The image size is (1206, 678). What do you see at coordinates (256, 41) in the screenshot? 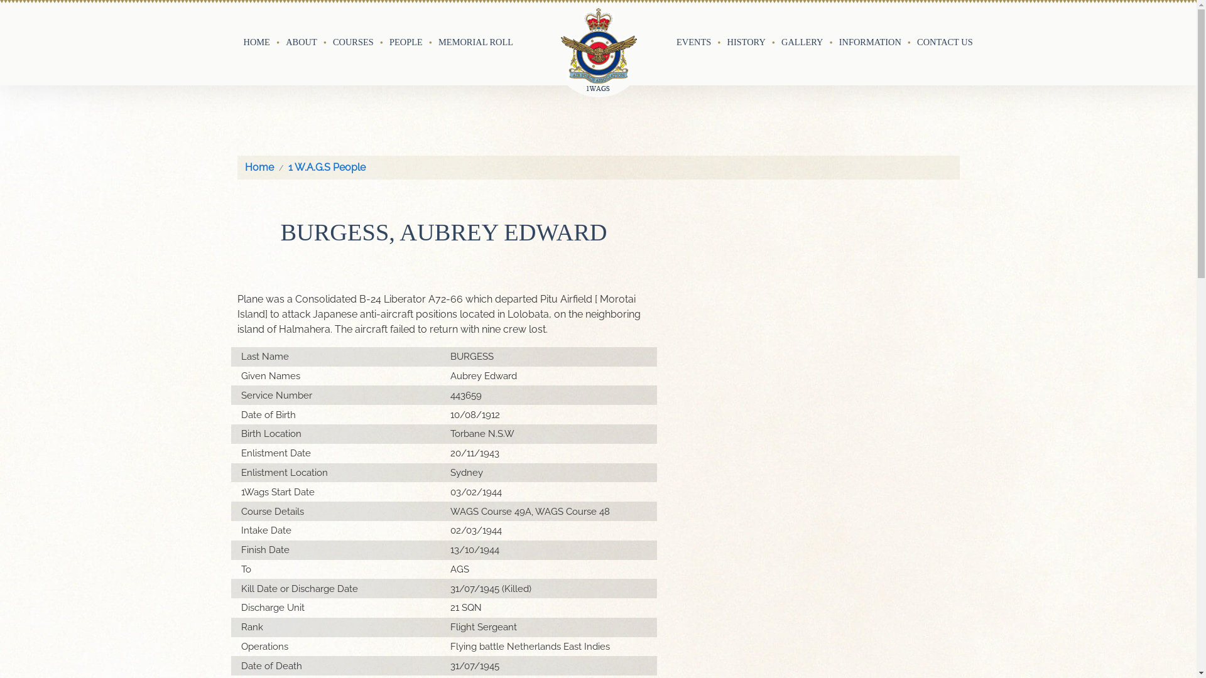
I see `'HOME'` at bounding box center [256, 41].